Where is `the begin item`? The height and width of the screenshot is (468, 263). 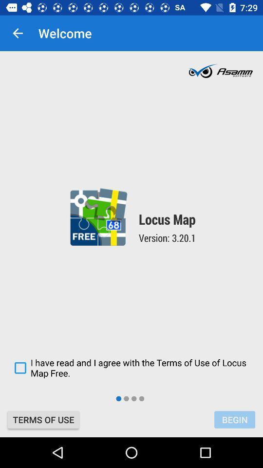
the begin item is located at coordinates (234, 419).